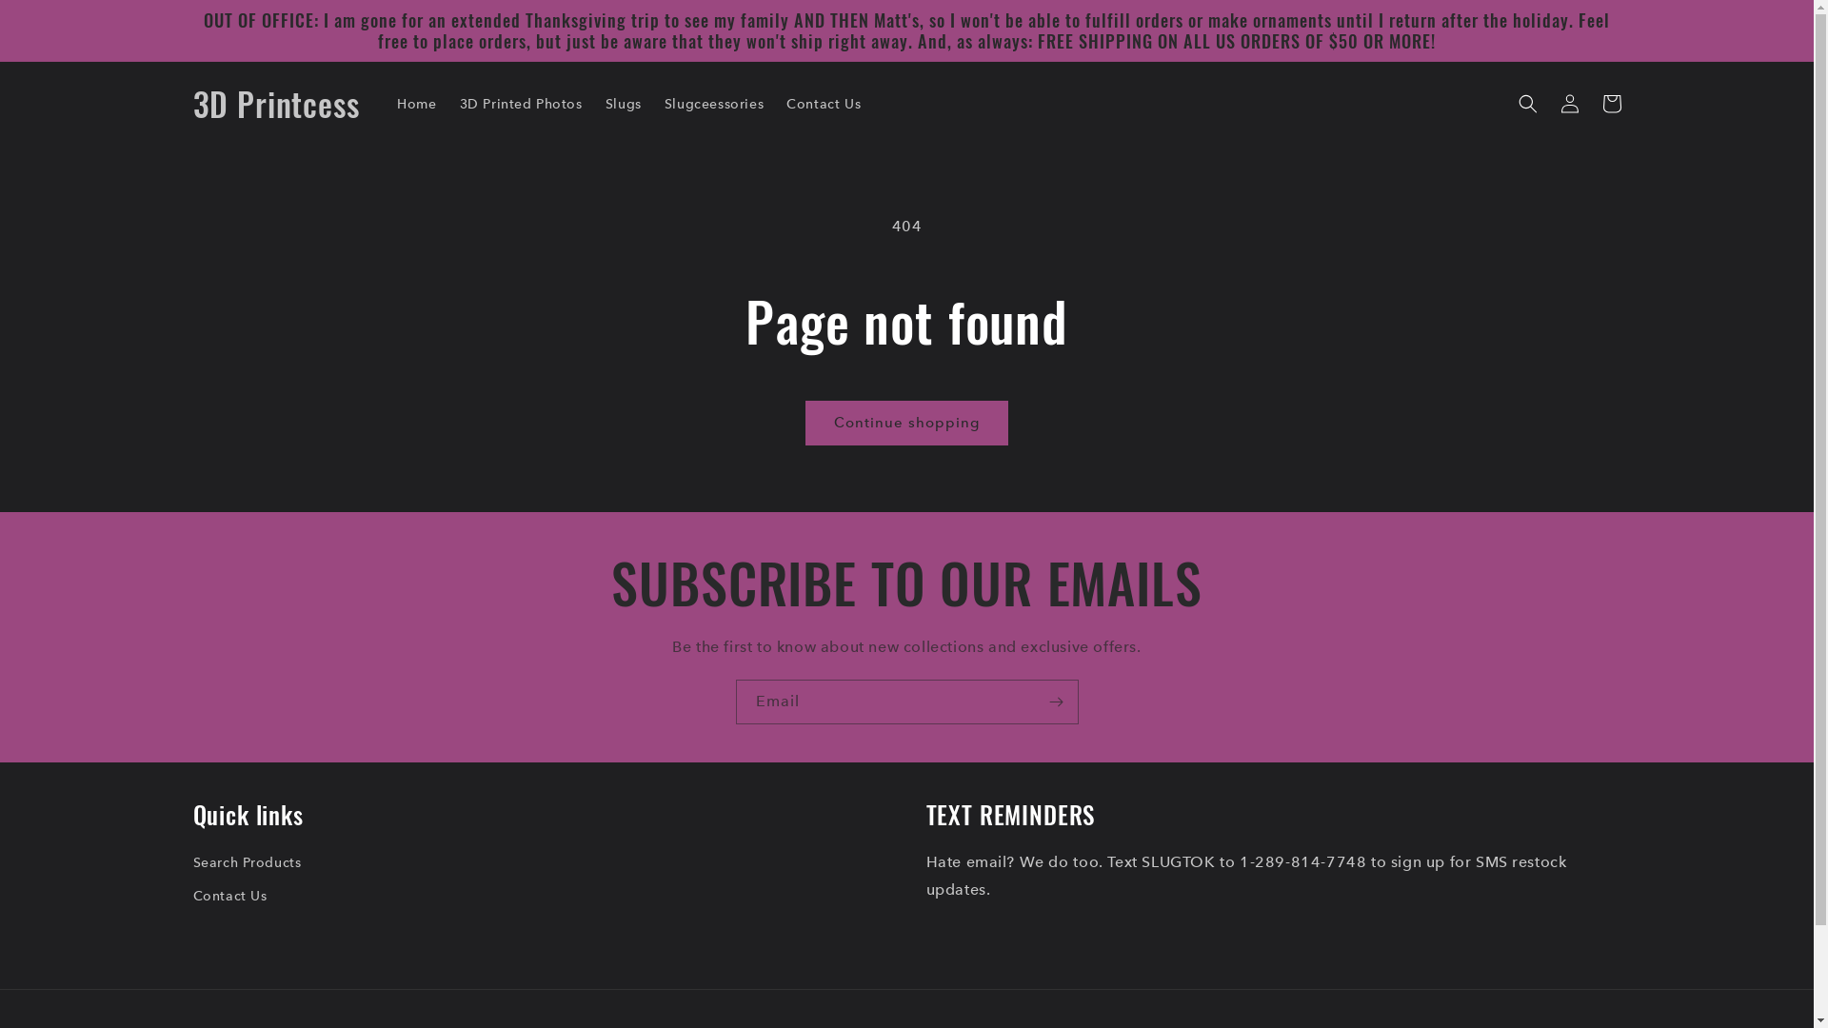 The height and width of the screenshot is (1028, 1828). I want to click on 'Cart', so click(1609, 103).